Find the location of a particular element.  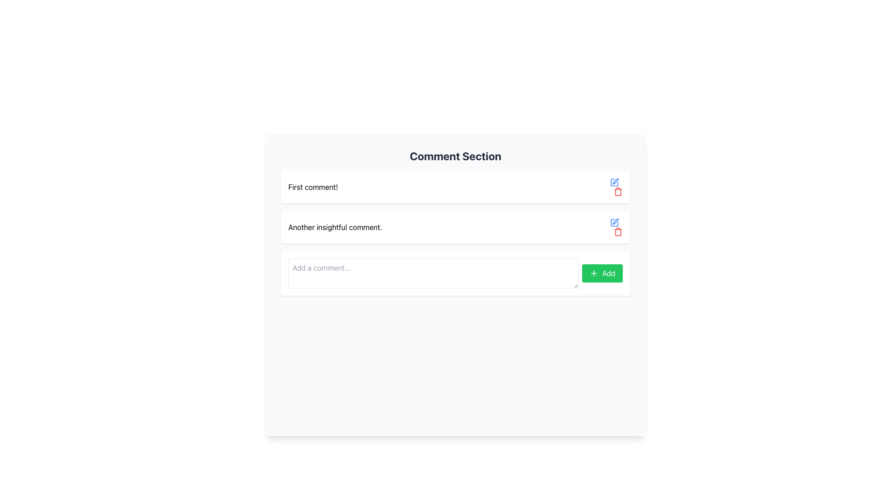

the delete button located at the far right of the second comment in the comment section is located at coordinates (618, 231).